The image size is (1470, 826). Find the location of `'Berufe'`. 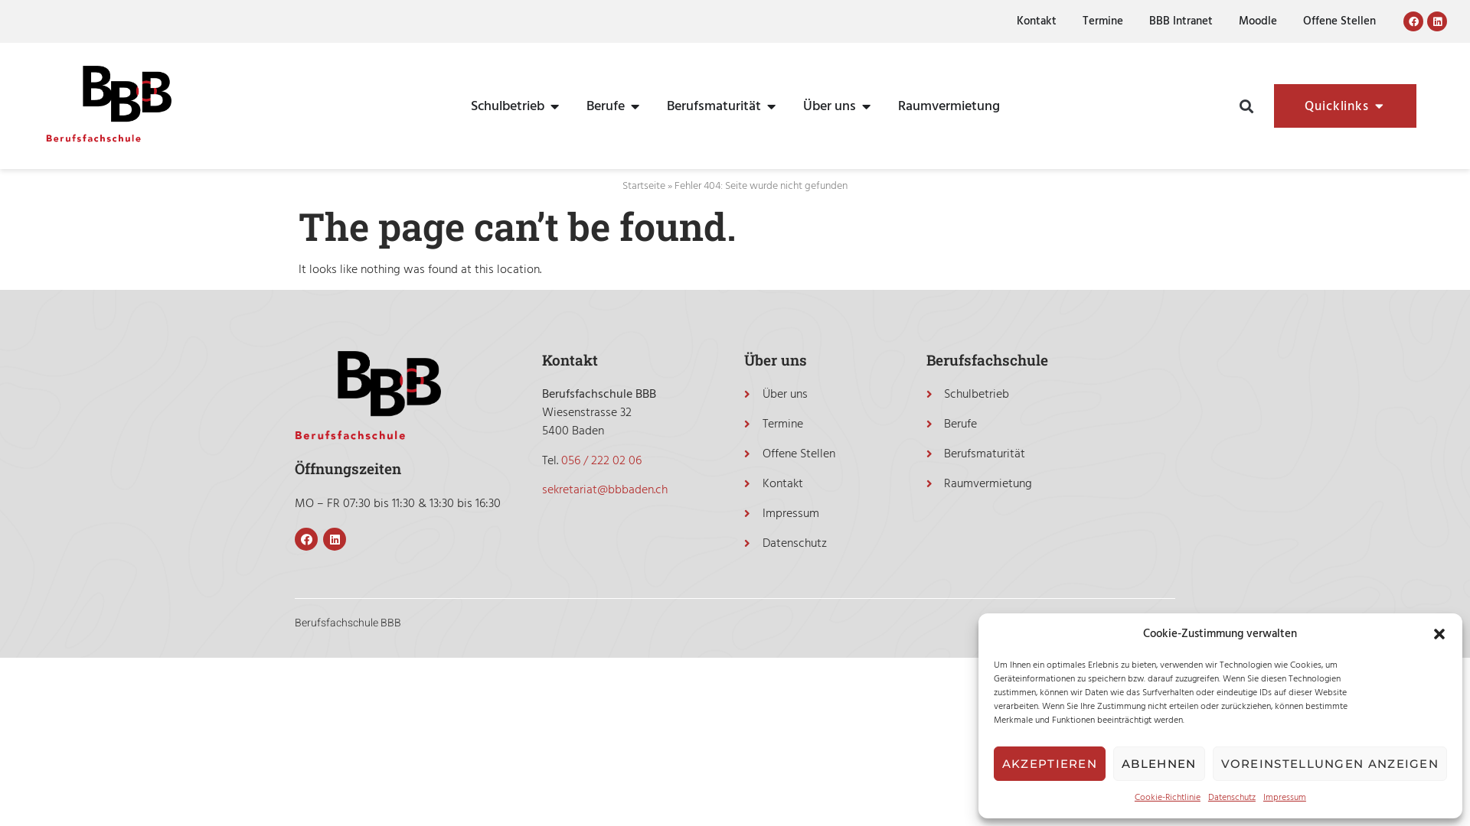

'Berufe' is located at coordinates (1050, 424).